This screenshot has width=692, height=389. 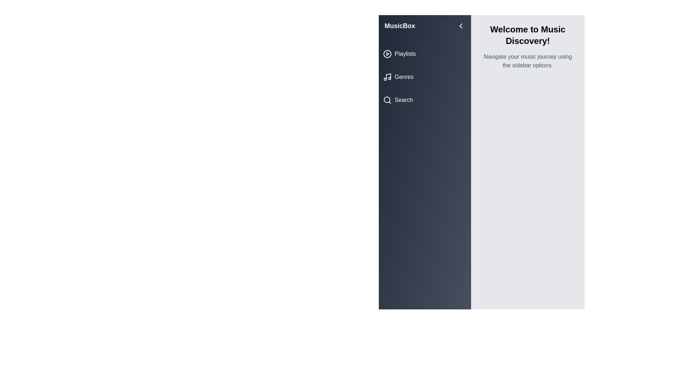 What do you see at coordinates (425, 77) in the screenshot?
I see `the category Genres to view its hover state` at bounding box center [425, 77].